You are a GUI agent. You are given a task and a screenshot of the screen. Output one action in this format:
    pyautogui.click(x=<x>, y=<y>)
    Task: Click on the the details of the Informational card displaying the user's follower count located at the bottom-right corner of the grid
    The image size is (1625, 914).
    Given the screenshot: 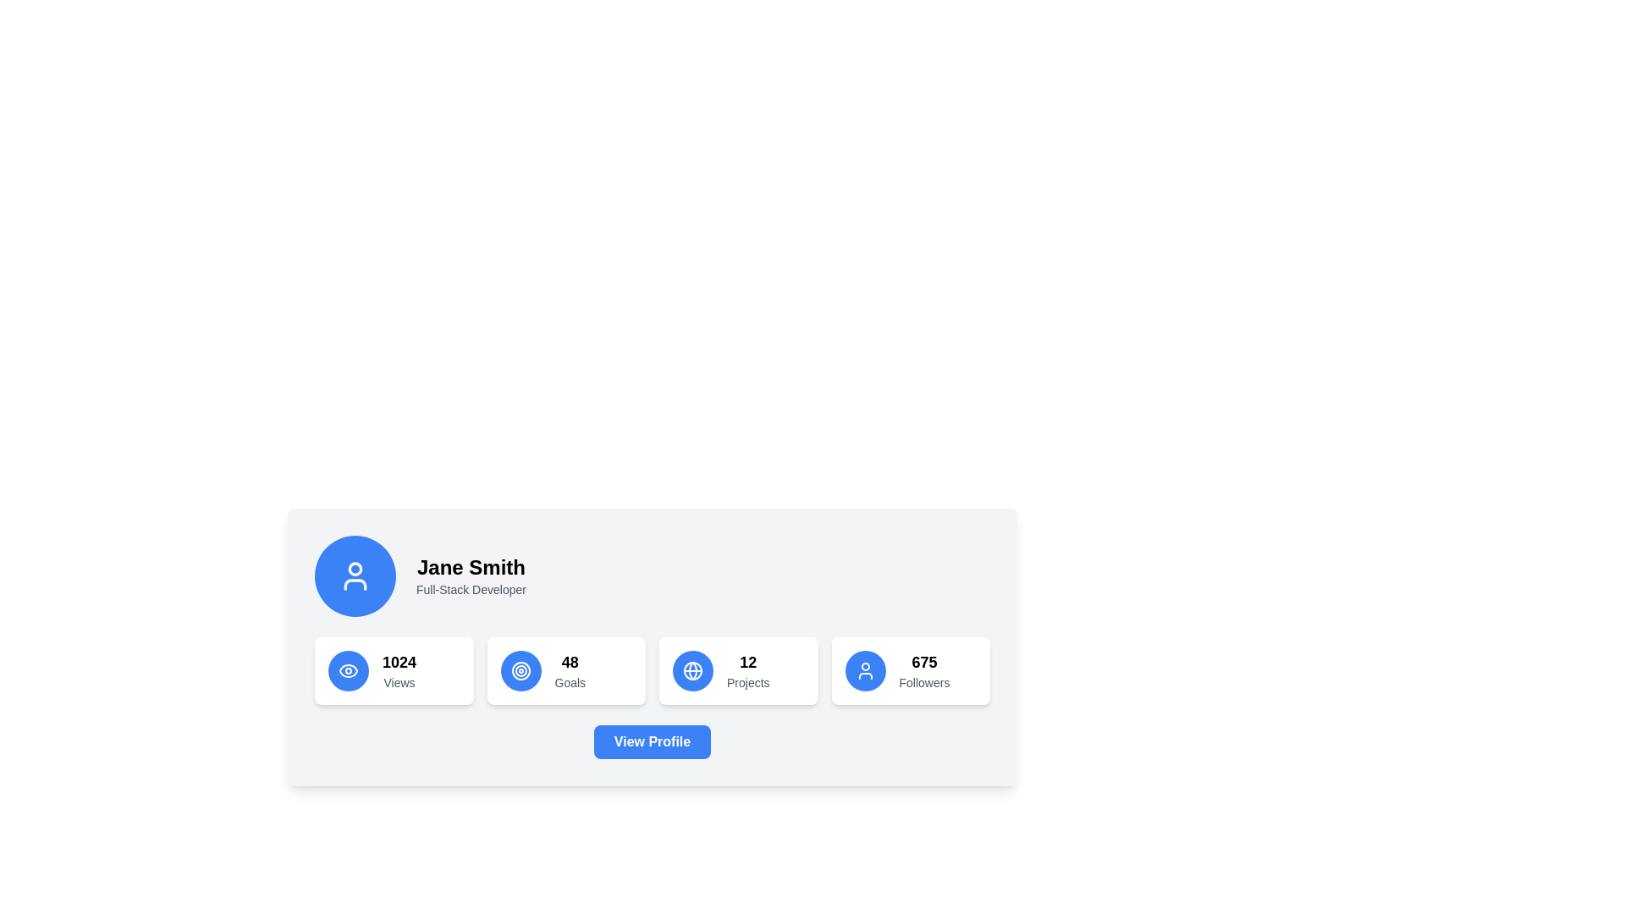 What is the action you would take?
    pyautogui.click(x=910, y=670)
    